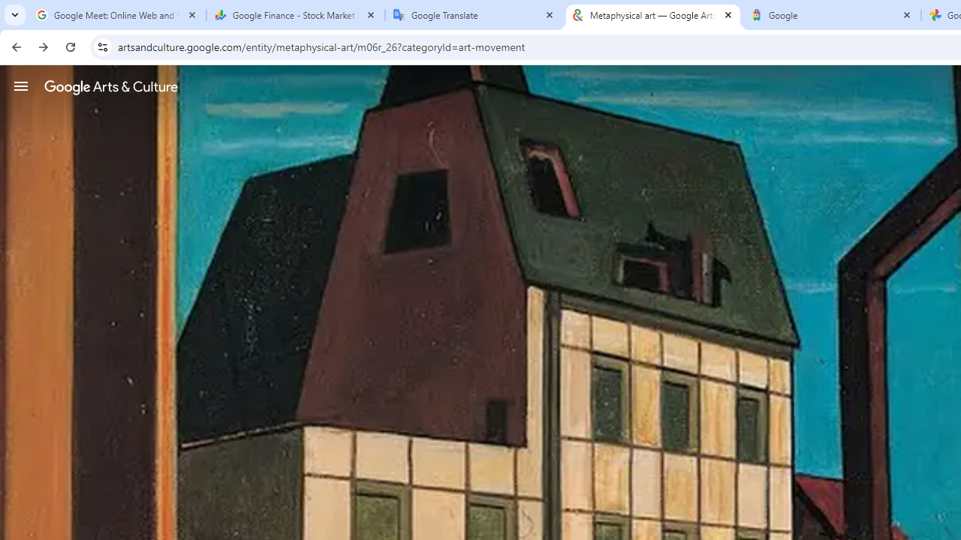  What do you see at coordinates (14, 46) in the screenshot?
I see `'Back'` at bounding box center [14, 46].